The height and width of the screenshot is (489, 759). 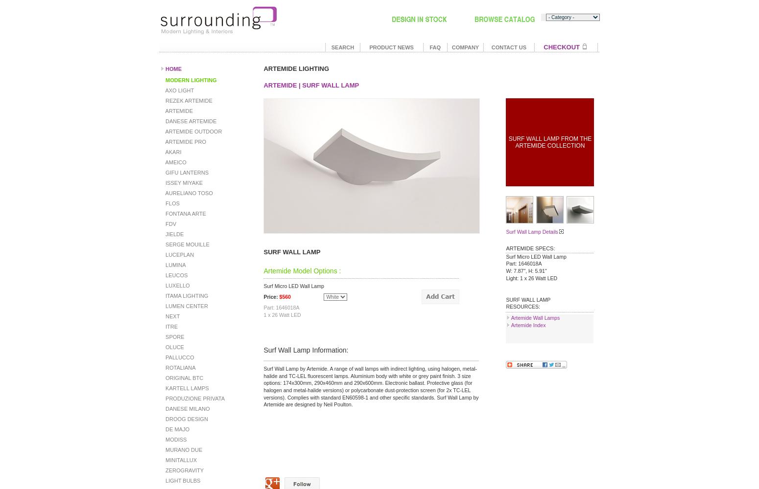 What do you see at coordinates (522, 307) in the screenshot?
I see `'RESOURCES:'` at bounding box center [522, 307].